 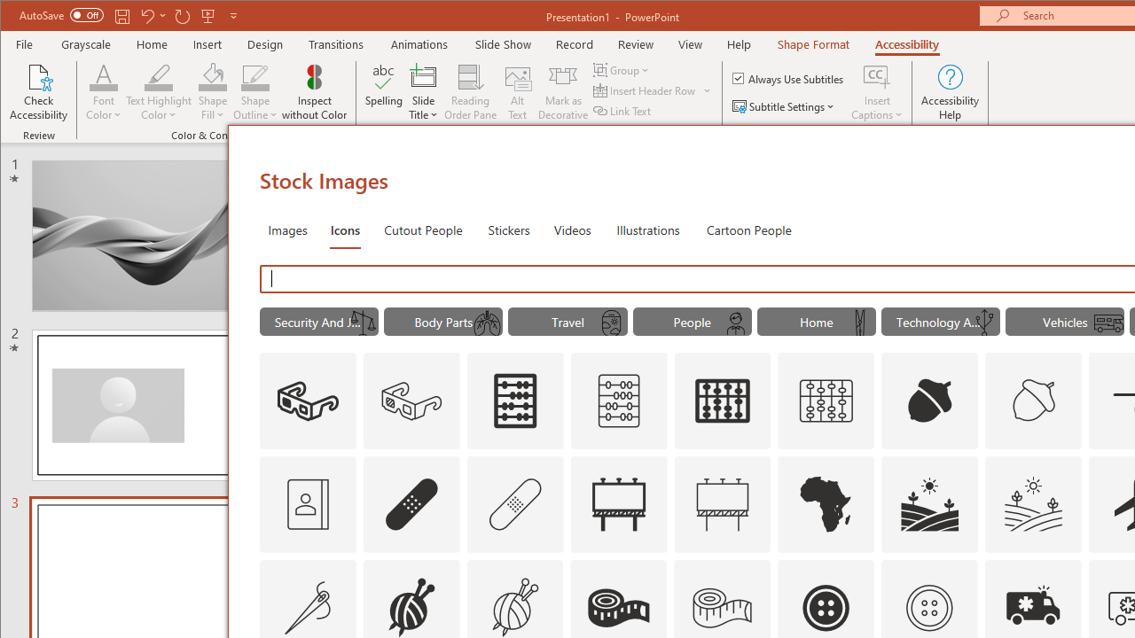 What do you see at coordinates (39, 92) in the screenshot?
I see `'Check Accessibility'` at bounding box center [39, 92].